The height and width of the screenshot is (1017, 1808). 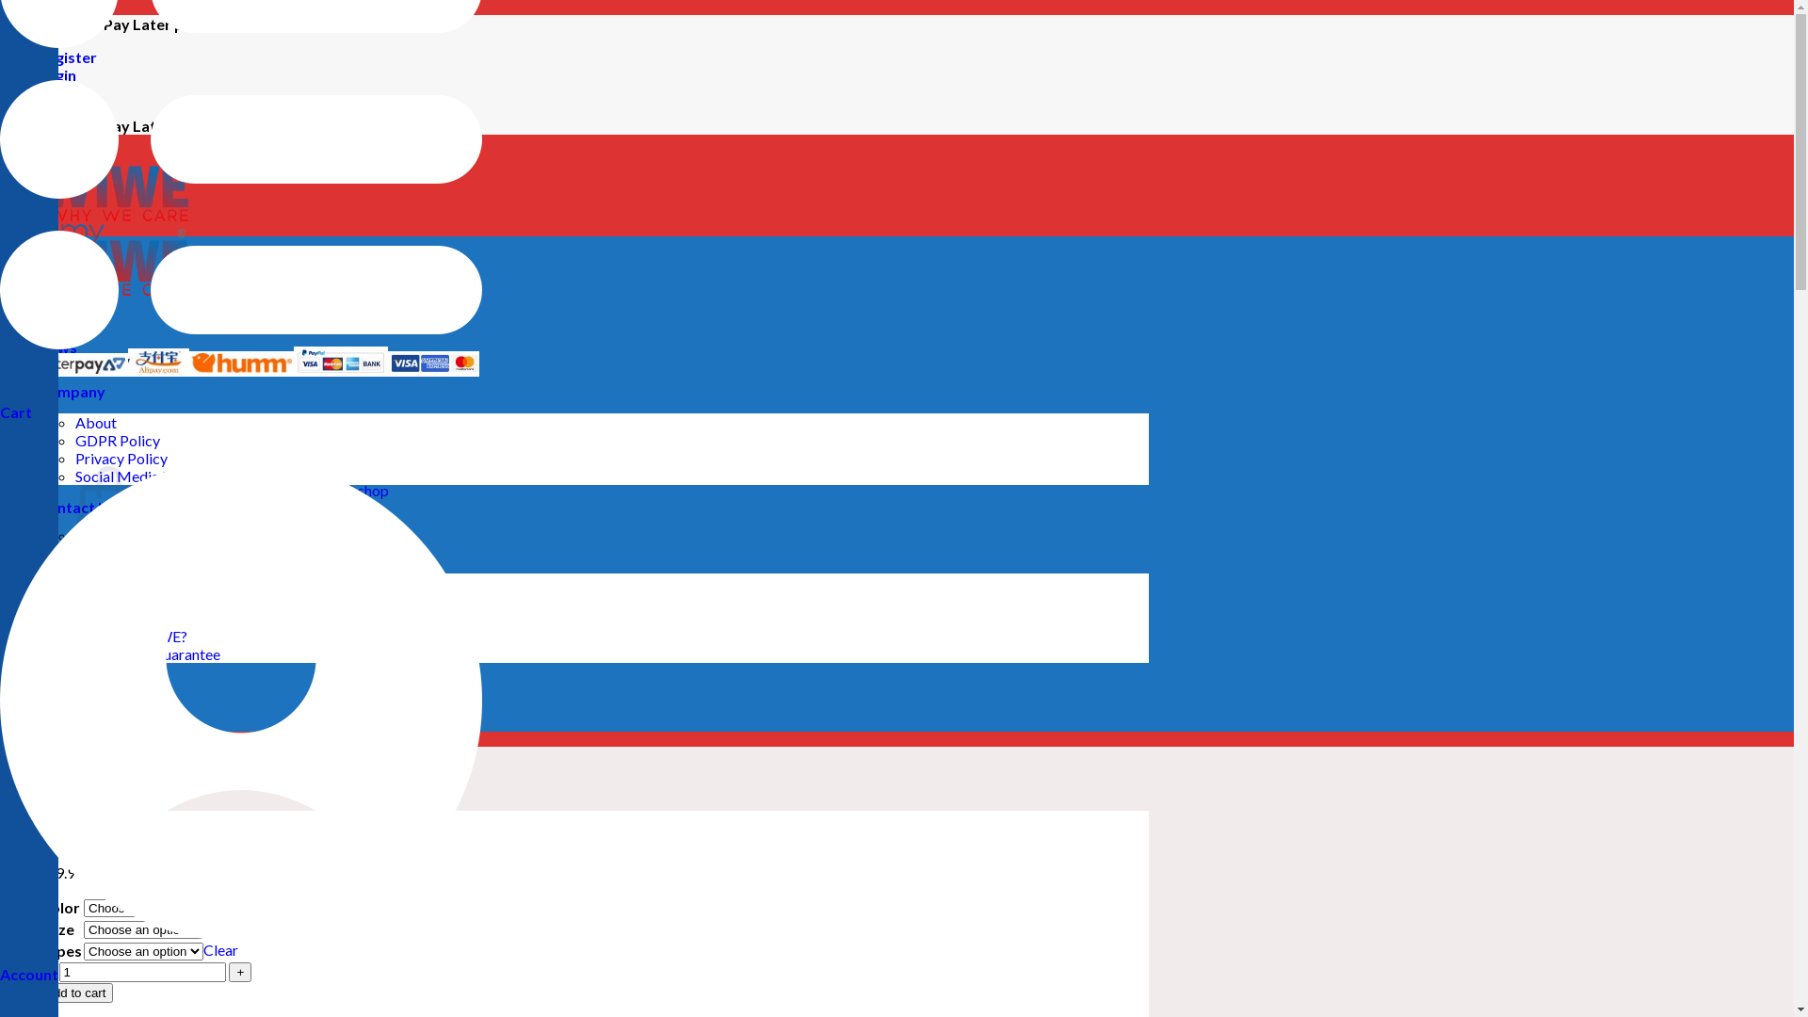 I want to click on 'Company', so click(x=72, y=390).